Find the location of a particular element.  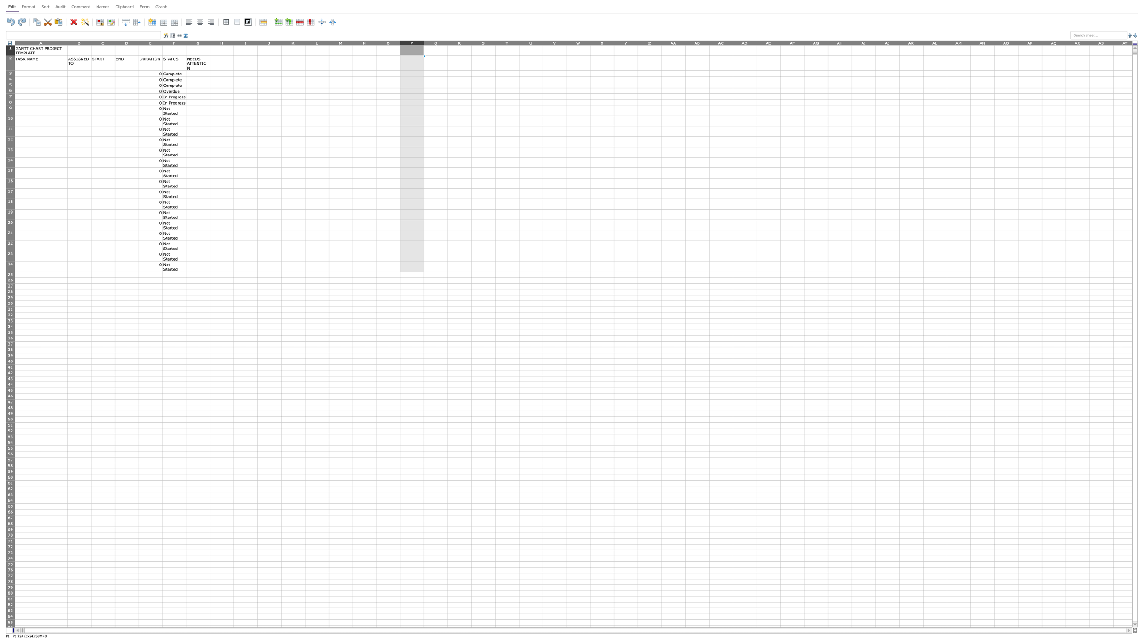

Place cursor on column Q's resize area is located at coordinates (447, 42).